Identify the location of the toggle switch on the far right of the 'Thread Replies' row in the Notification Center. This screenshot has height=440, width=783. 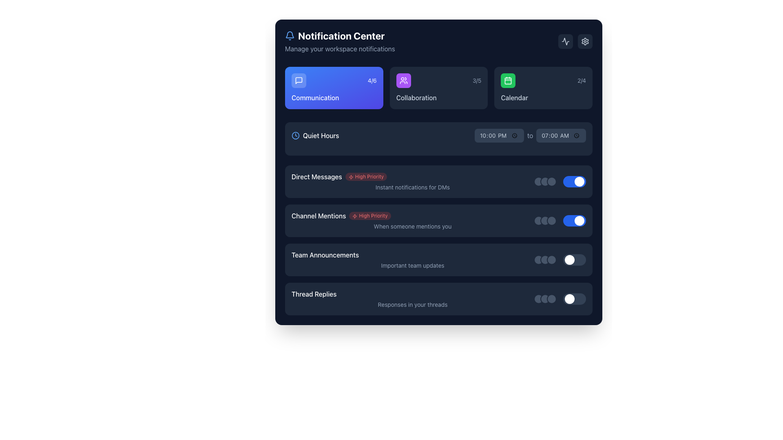
(574, 299).